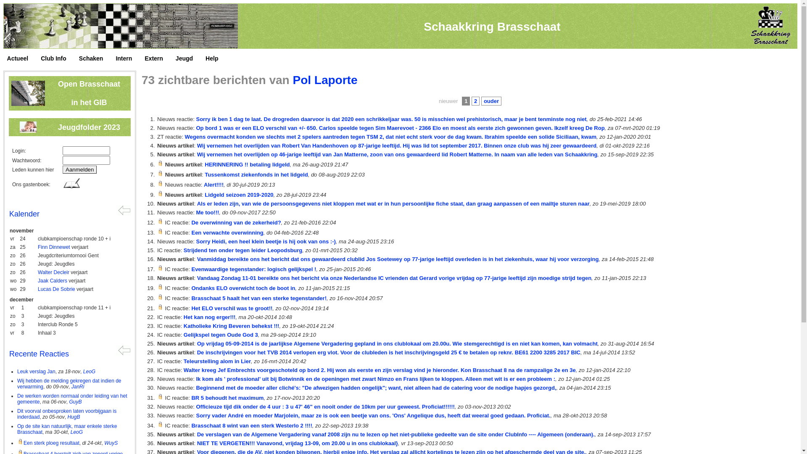  Describe the element at coordinates (195, 241) in the screenshot. I see `'Sorry Heidi, een heel klein beetje is hij ook van ons :-)'` at that location.